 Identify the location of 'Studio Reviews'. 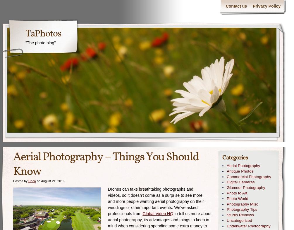
(240, 215).